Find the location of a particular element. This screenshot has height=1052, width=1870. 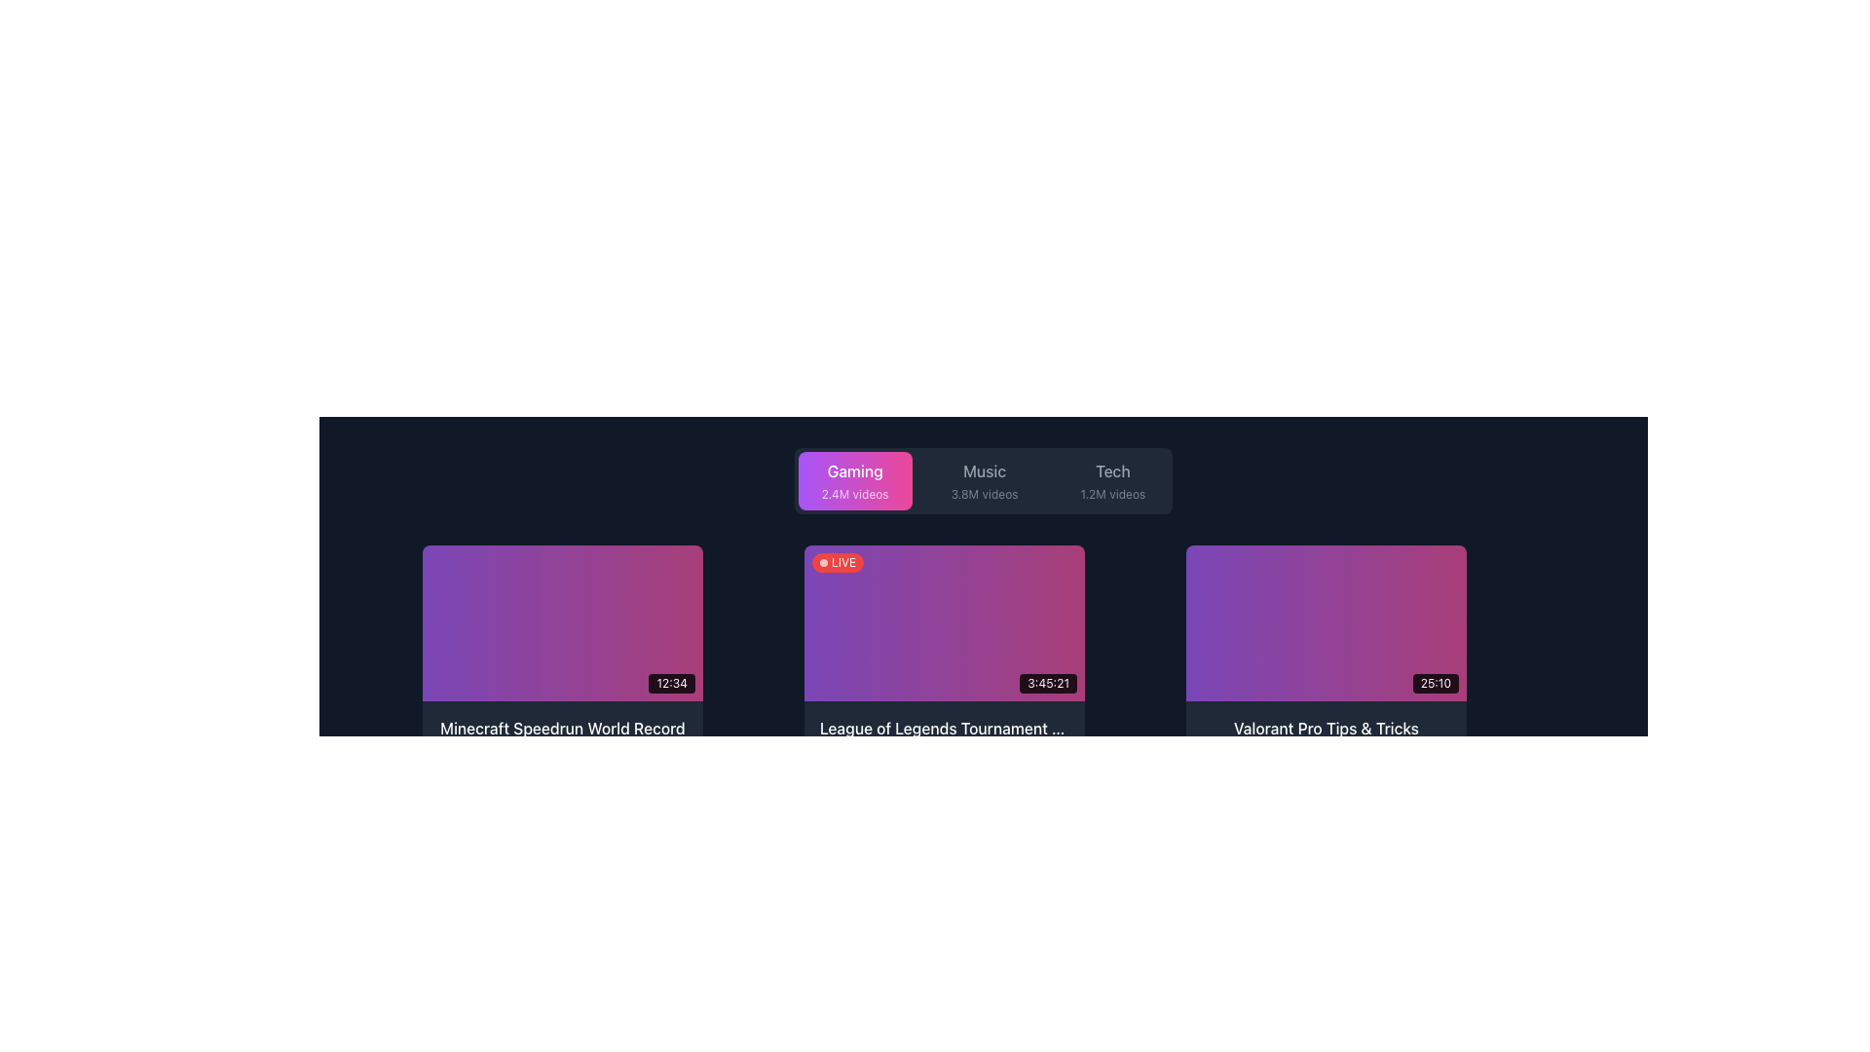

the timestamp displayed in the text label or badge located in the bottom-right corner of the middle card in a row of three cards is located at coordinates (1047, 683).